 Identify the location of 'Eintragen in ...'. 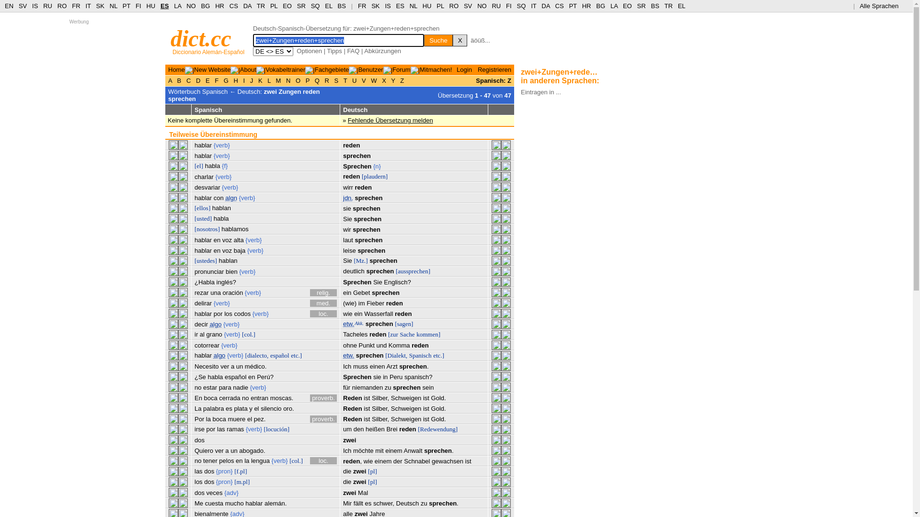
(540, 91).